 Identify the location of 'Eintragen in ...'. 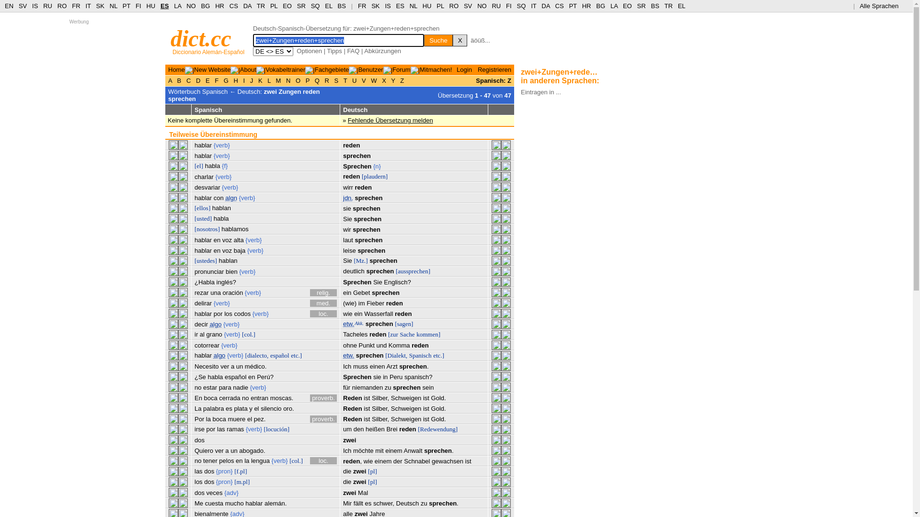
(540, 91).